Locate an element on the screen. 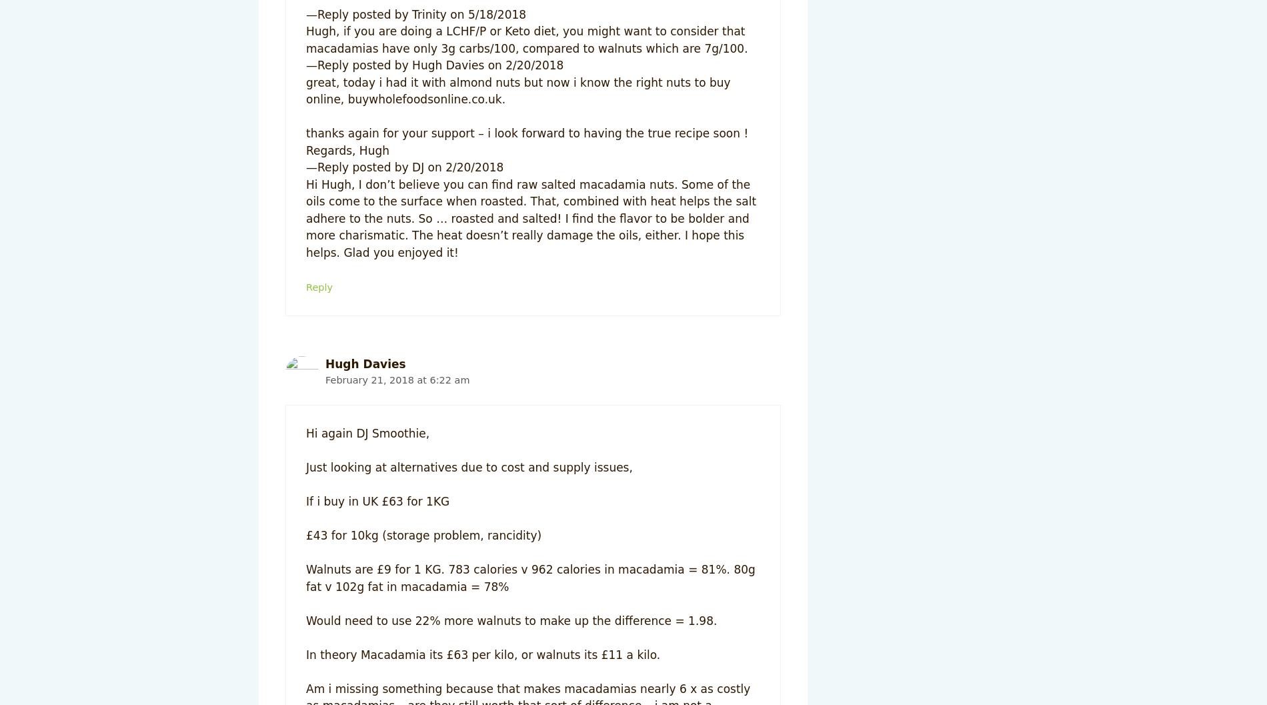 This screenshot has height=705, width=1267. 'In theory Macadamia its £63 per kilo, or walnuts its £11 a kilo.' is located at coordinates (482, 654).